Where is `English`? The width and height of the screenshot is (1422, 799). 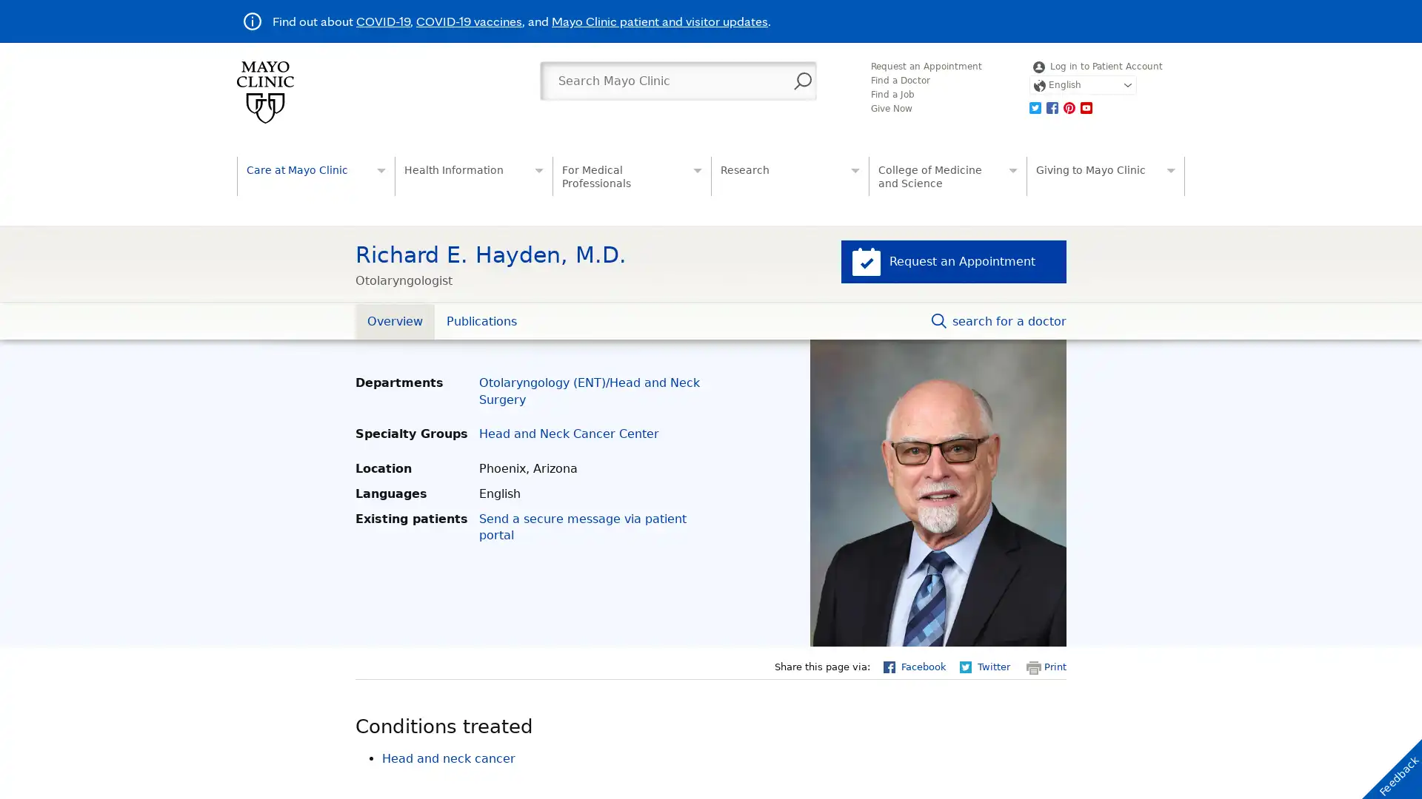
English is located at coordinates (1082, 85).